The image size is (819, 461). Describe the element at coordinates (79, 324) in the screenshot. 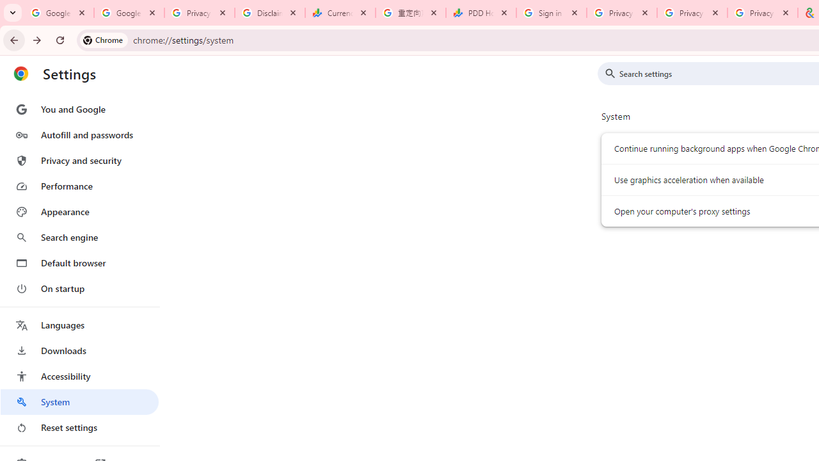

I see `'Languages'` at that location.